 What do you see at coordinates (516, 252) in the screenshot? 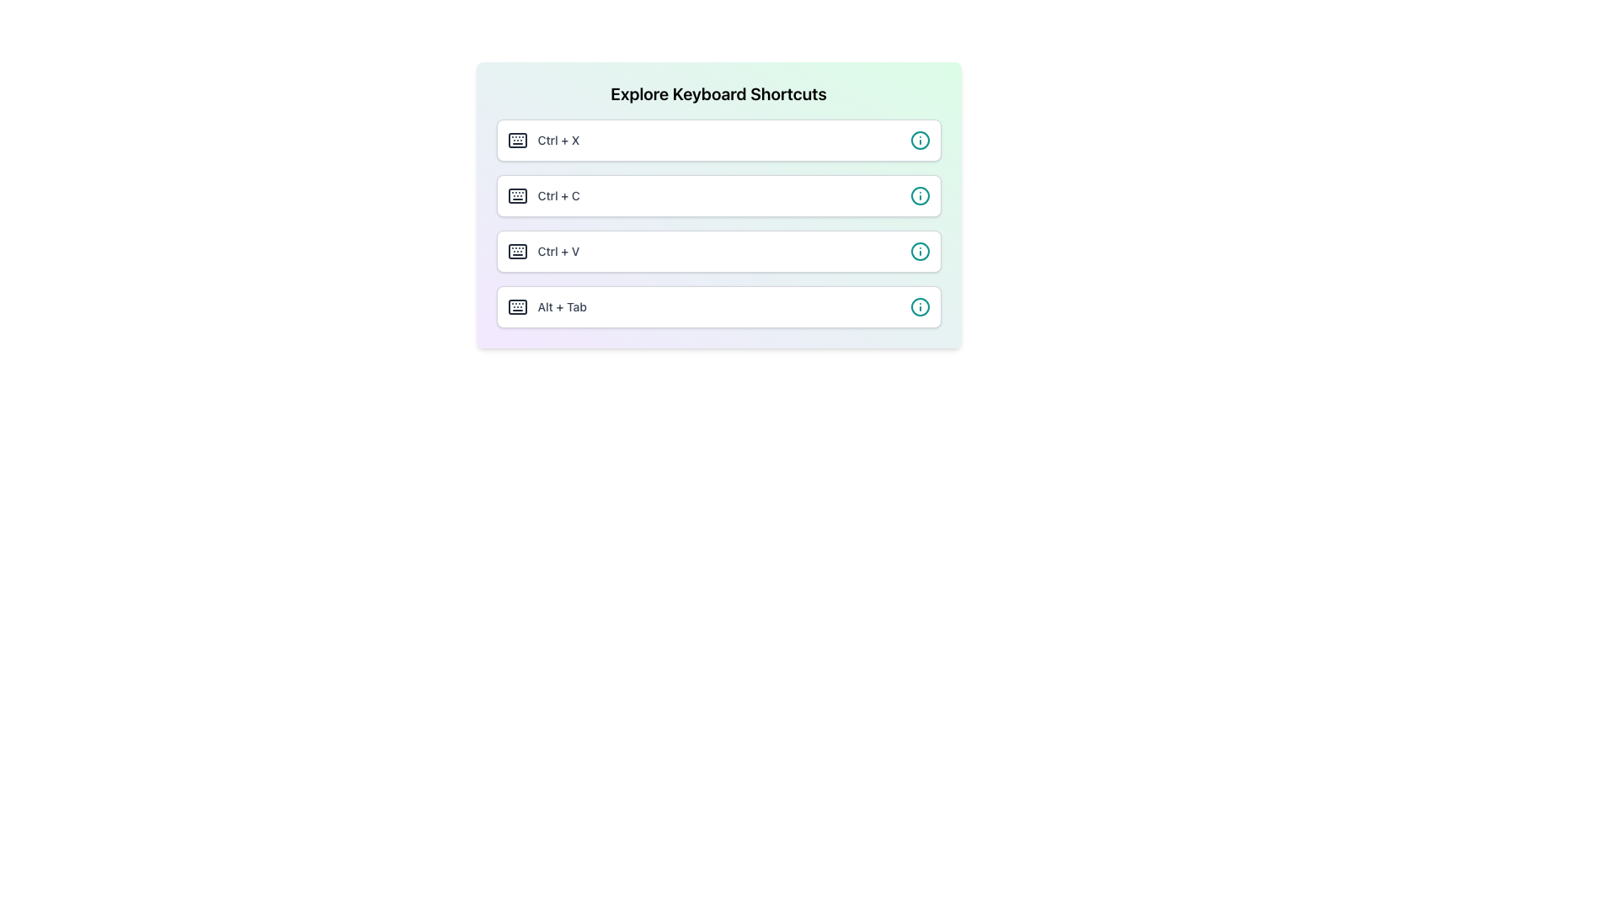
I see `the small rectangular shape with rounded corners located within the keyboard icon in the third entry of the list detailing keyboard shortcuts` at bounding box center [516, 252].